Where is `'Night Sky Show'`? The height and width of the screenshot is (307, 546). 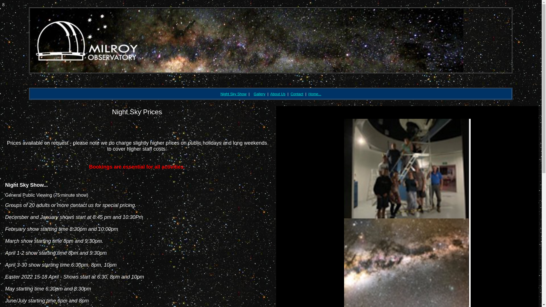
'Night Sky Show' is located at coordinates (233, 94).